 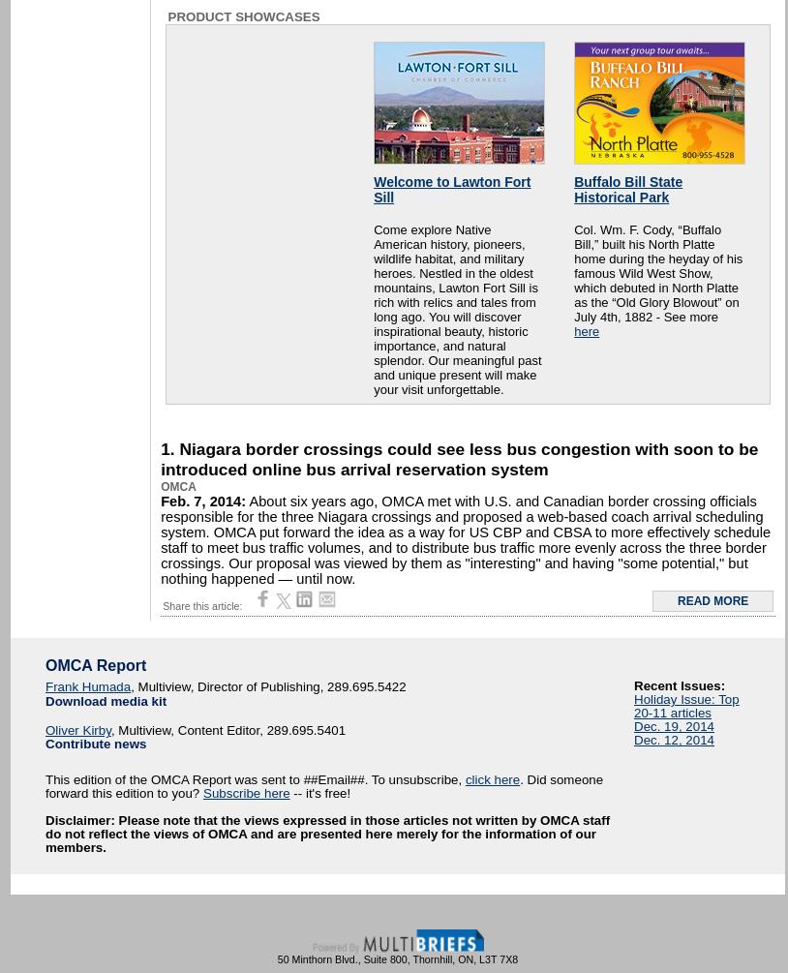 What do you see at coordinates (679, 685) in the screenshot?
I see `'Recent Issues:'` at bounding box center [679, 685].